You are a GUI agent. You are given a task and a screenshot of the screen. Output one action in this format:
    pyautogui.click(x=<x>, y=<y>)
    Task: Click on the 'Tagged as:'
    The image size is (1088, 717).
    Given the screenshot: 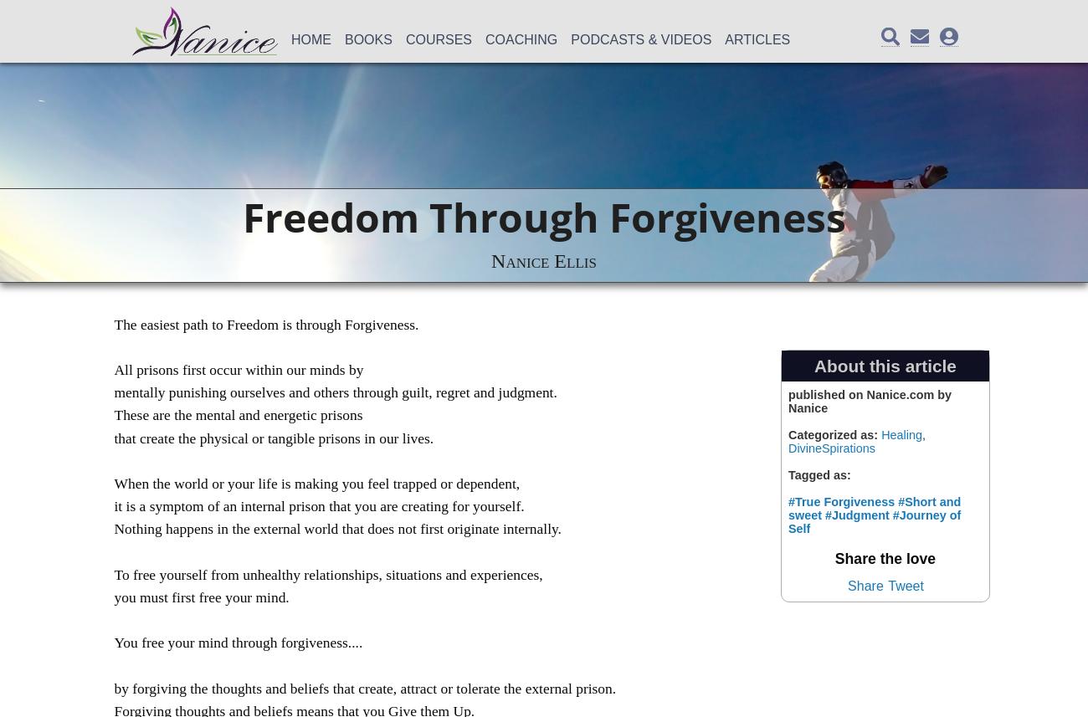 What is the action you would take?
    pyautogui.click(x=788, y=474)
    